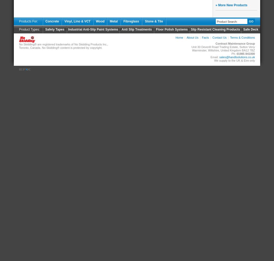 This screenshot has width=274, height=261. Describe the element at coordinates (215, 29) in the screenshot. I see `'Slip 
            Resistant Cleaning Products'` at that location.